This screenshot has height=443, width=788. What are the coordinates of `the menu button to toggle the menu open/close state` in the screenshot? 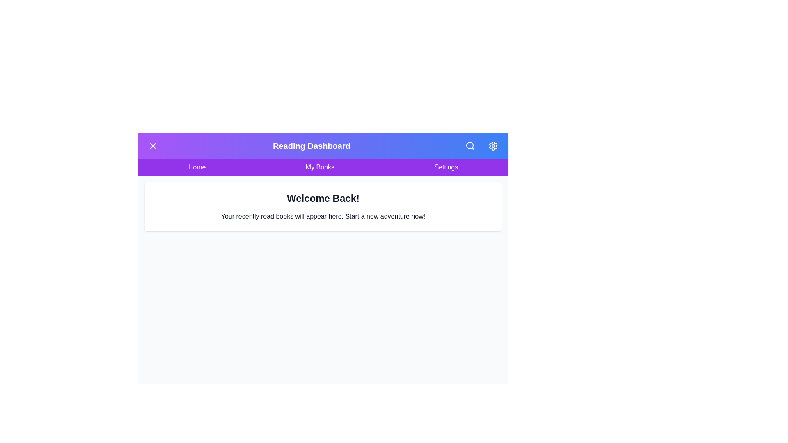 It's located at (153, 145).